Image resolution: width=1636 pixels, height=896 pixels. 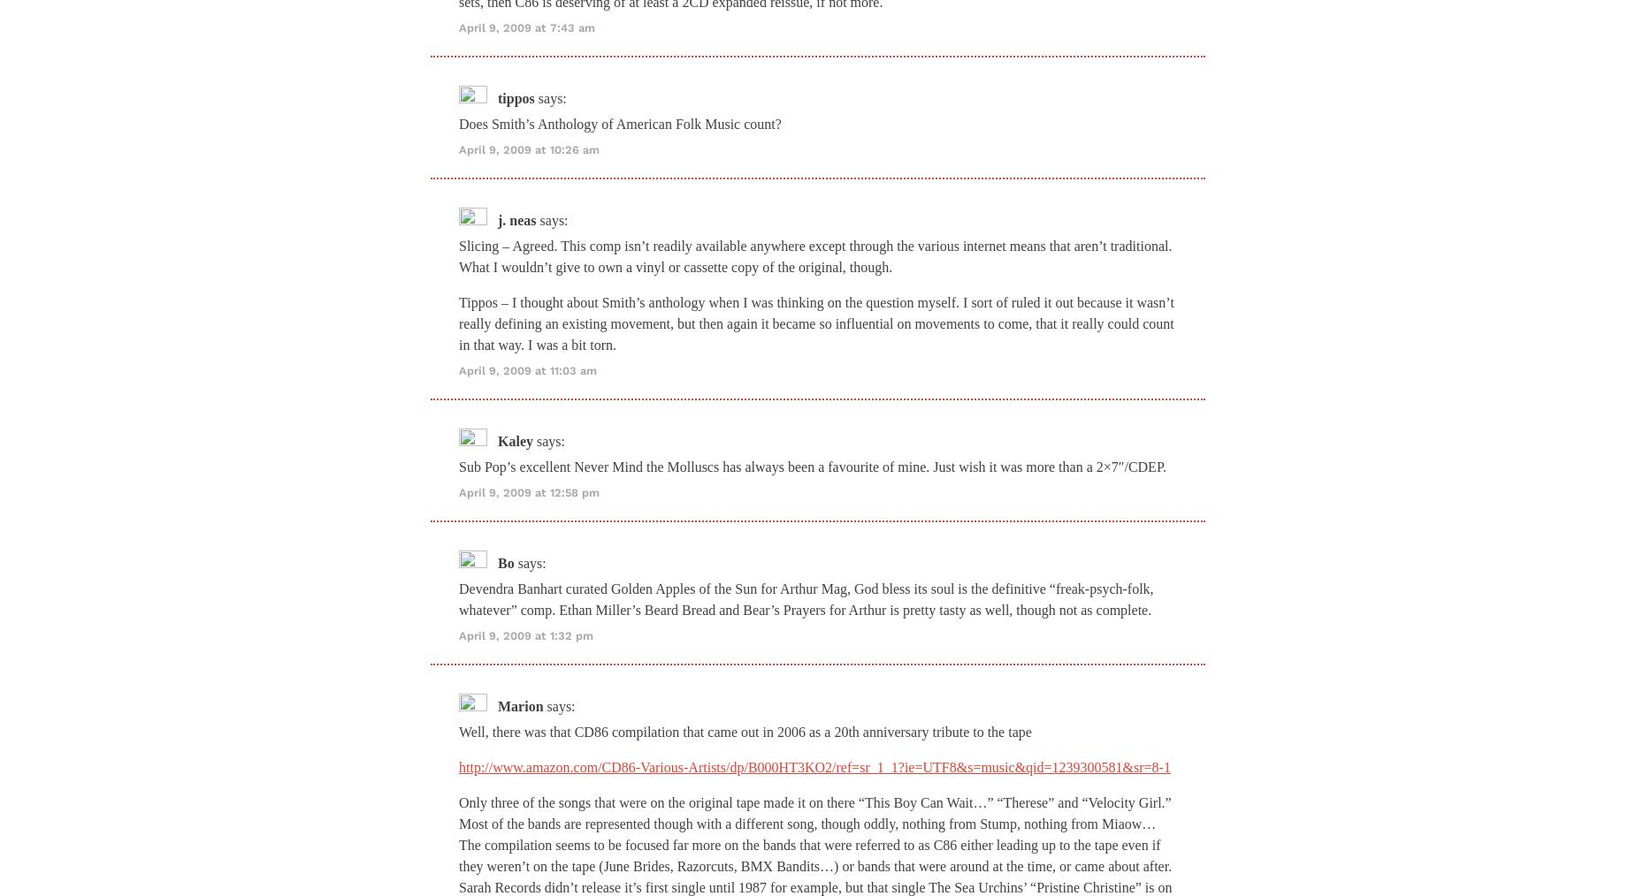 What do you see at coordinates (527, 26) in the screenshot?
I see `'April 9, 2009 at 7:43 am'` at bounding box center [527, 26].